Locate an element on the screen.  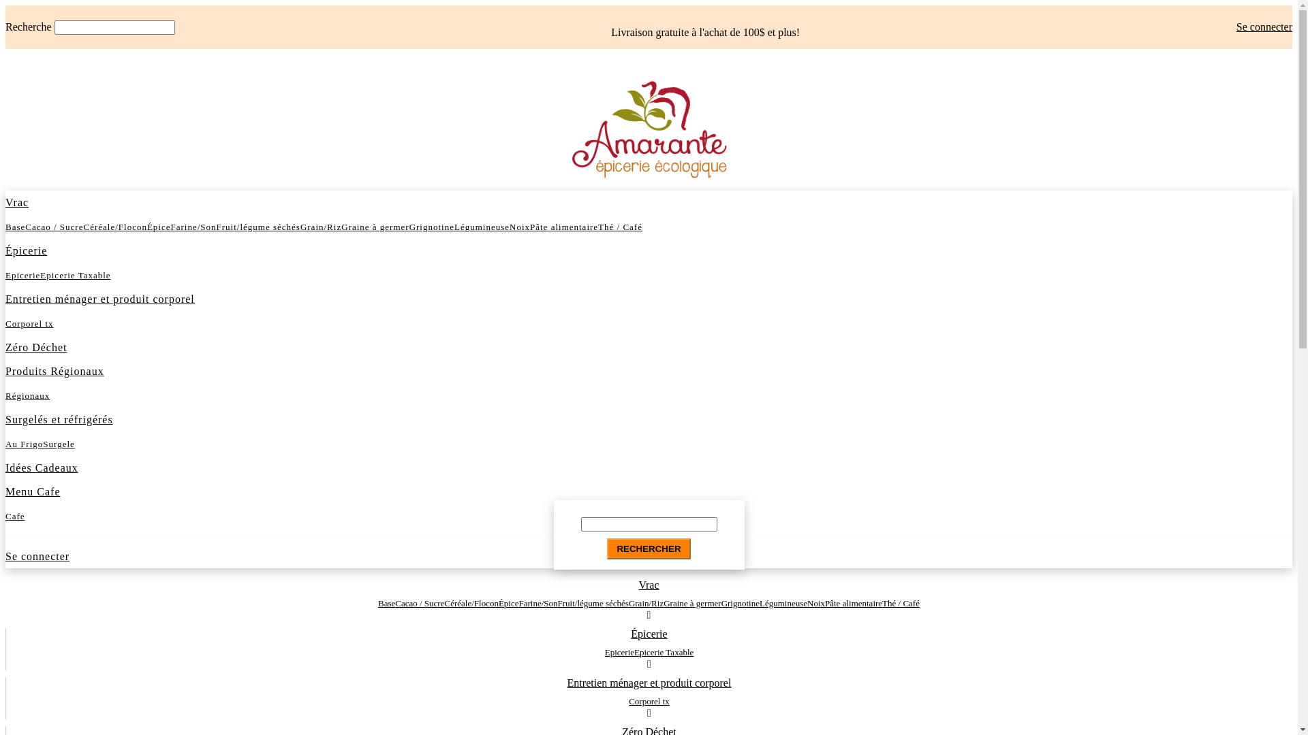
'Se connecter' is located at coordinates (1236, 27).